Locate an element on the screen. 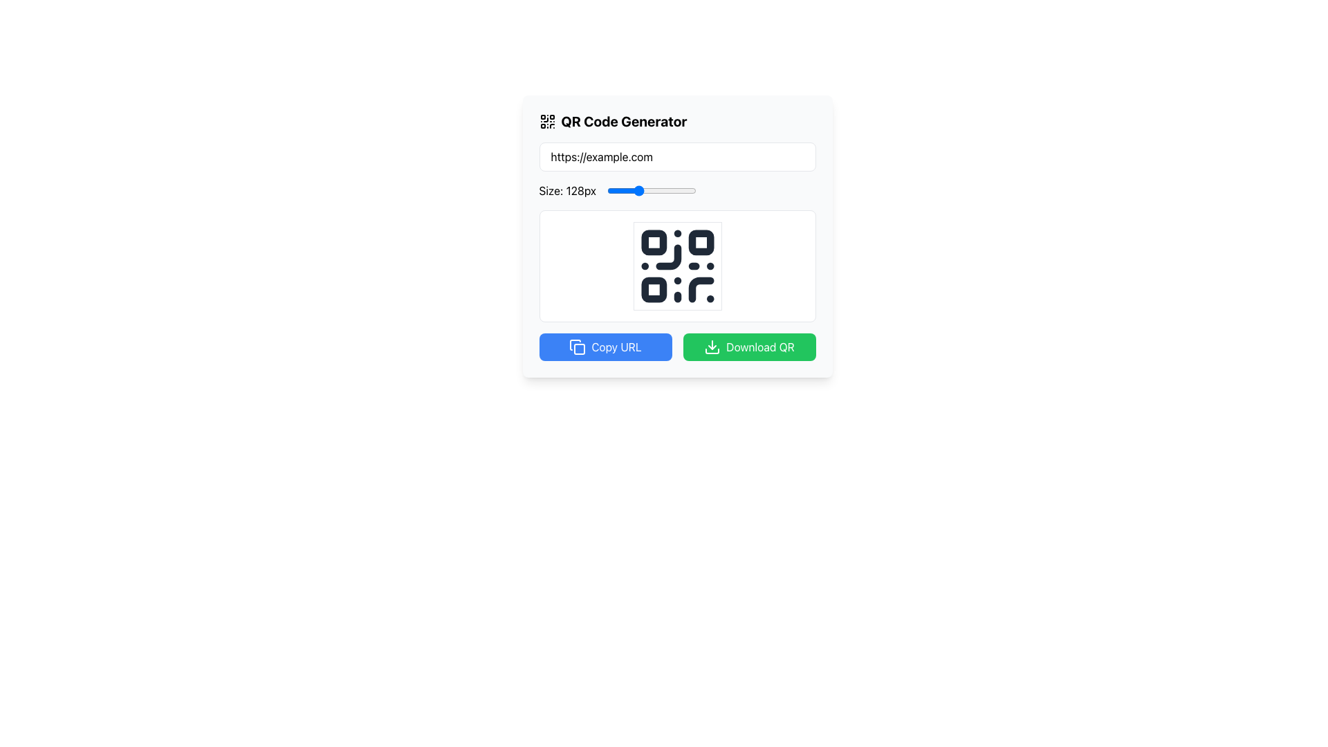 The height and width of the screenshot is (747, 1328). the QR code size is located at coordinates (687, 191).